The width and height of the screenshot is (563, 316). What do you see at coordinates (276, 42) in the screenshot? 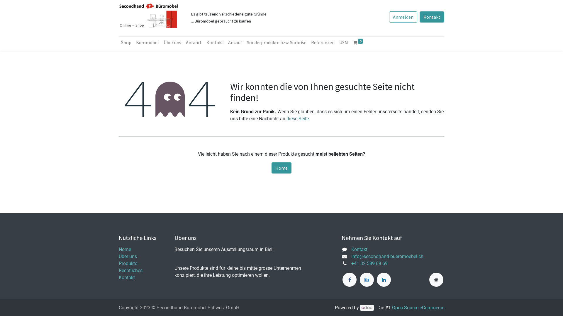
I see `'Sonderprodukte bzw. Surprise'` at bounding box center [276, 42].